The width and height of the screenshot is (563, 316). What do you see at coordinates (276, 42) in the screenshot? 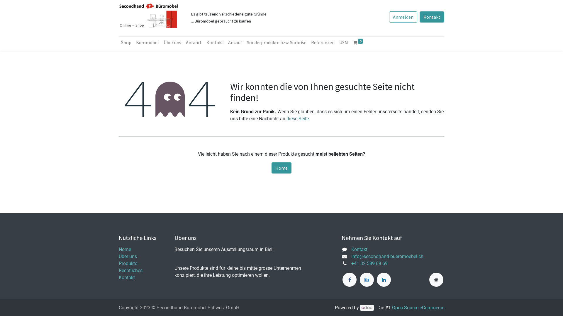
I see `'Sonderprodukte bzw. Surprise'` at bounding box center [276, 42].